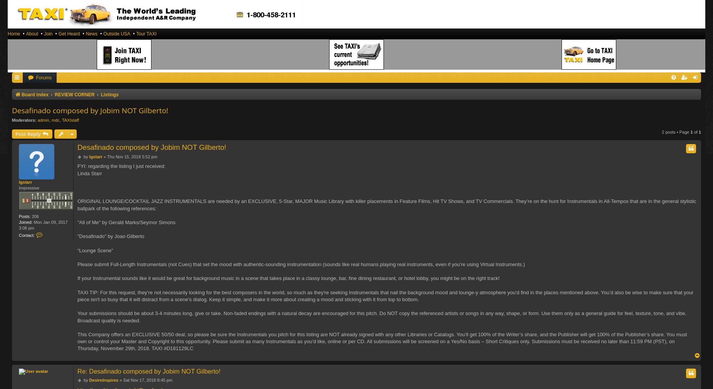 The height and width of the screenshot is (389, 713). Describe the element at coordinates (29, 188) in the screenshot. I see `'Impressive'` at that location.